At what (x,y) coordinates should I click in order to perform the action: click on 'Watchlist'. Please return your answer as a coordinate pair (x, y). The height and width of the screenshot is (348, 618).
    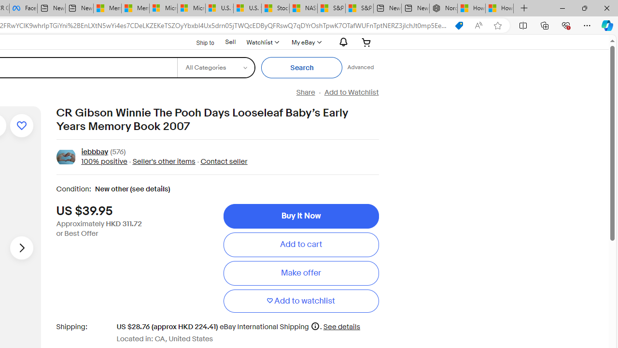
    Looking at the image, I should click on (262, 42).